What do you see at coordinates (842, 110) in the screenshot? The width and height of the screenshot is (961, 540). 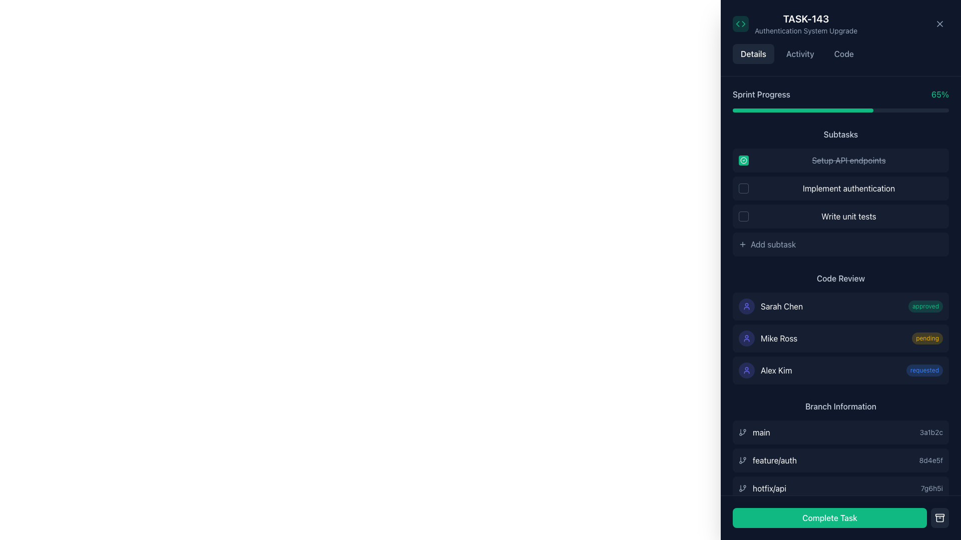 I see `progress value` at bounding box center [842, 110].